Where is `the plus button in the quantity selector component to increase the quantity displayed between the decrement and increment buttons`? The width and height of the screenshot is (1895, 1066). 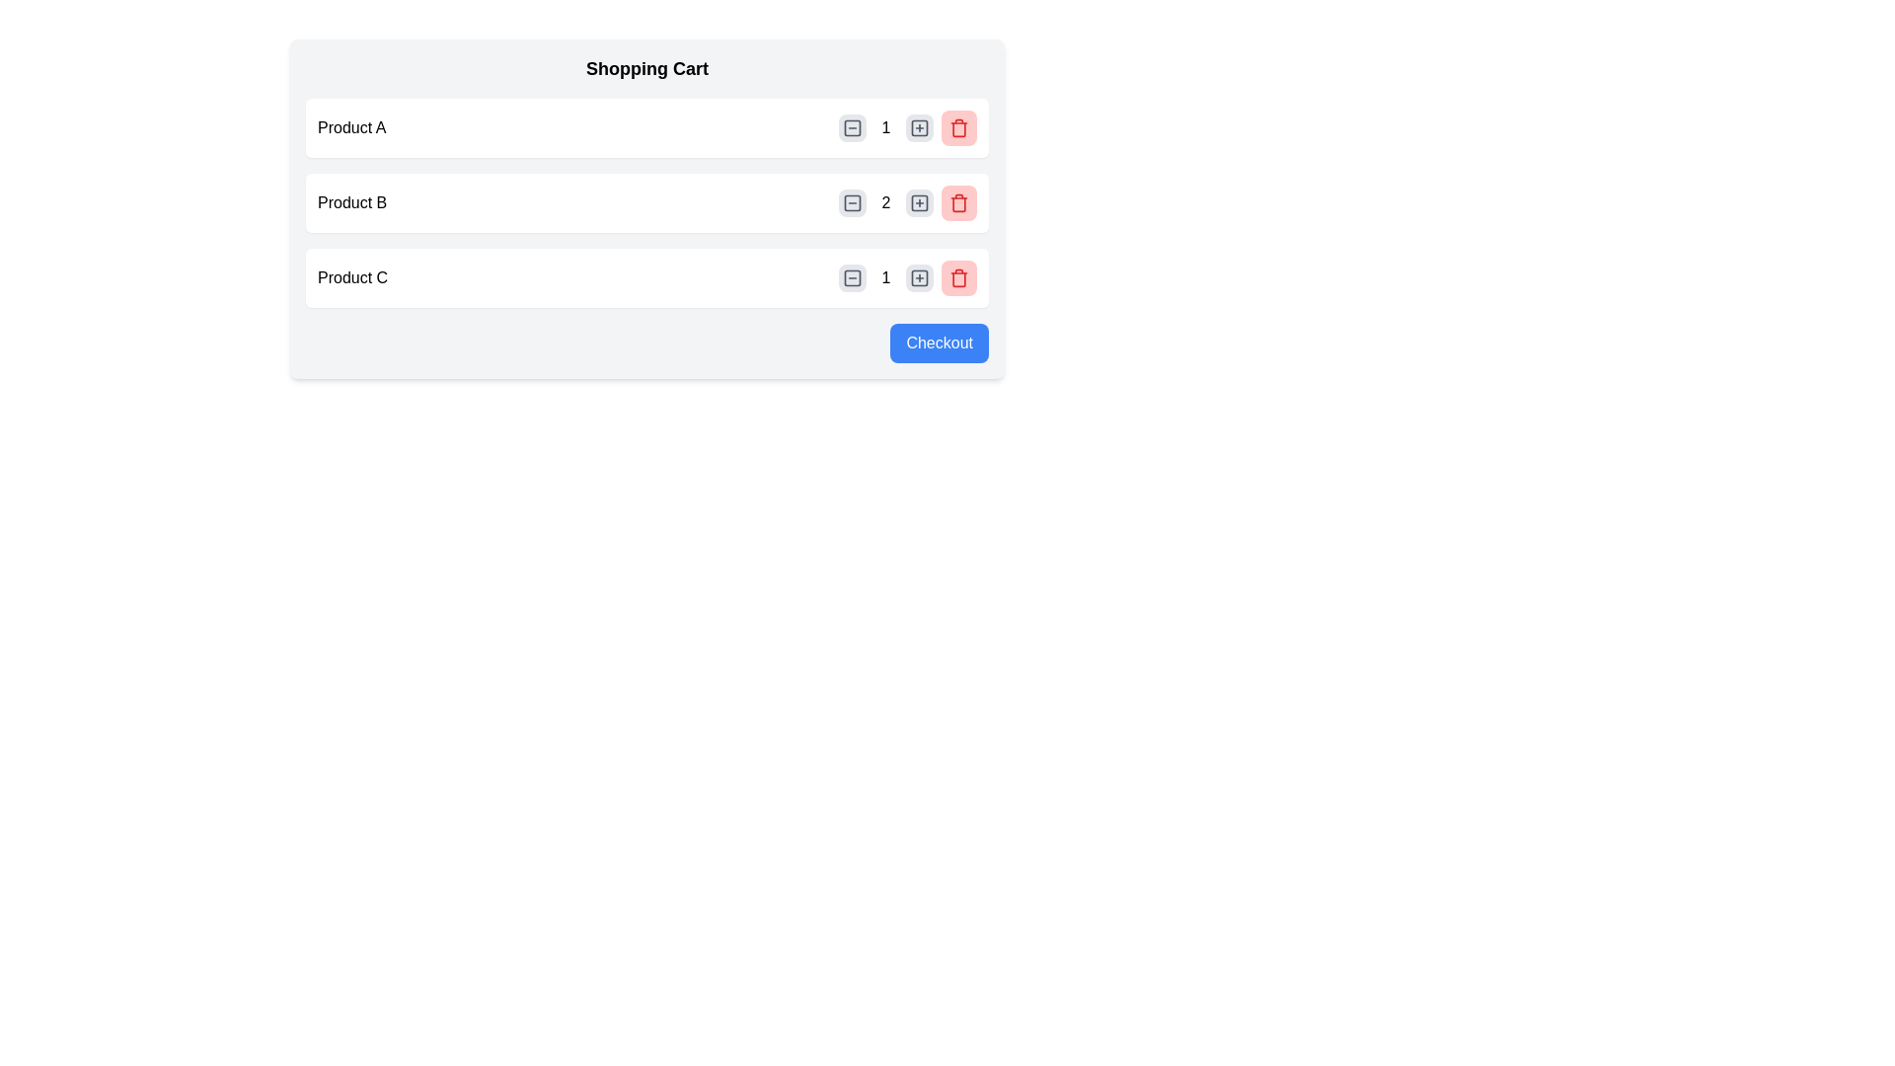
the plus button in the quantity selector component to increase the quantity displayed between the decrement and increment buttons is located at coordinates (907, 277).